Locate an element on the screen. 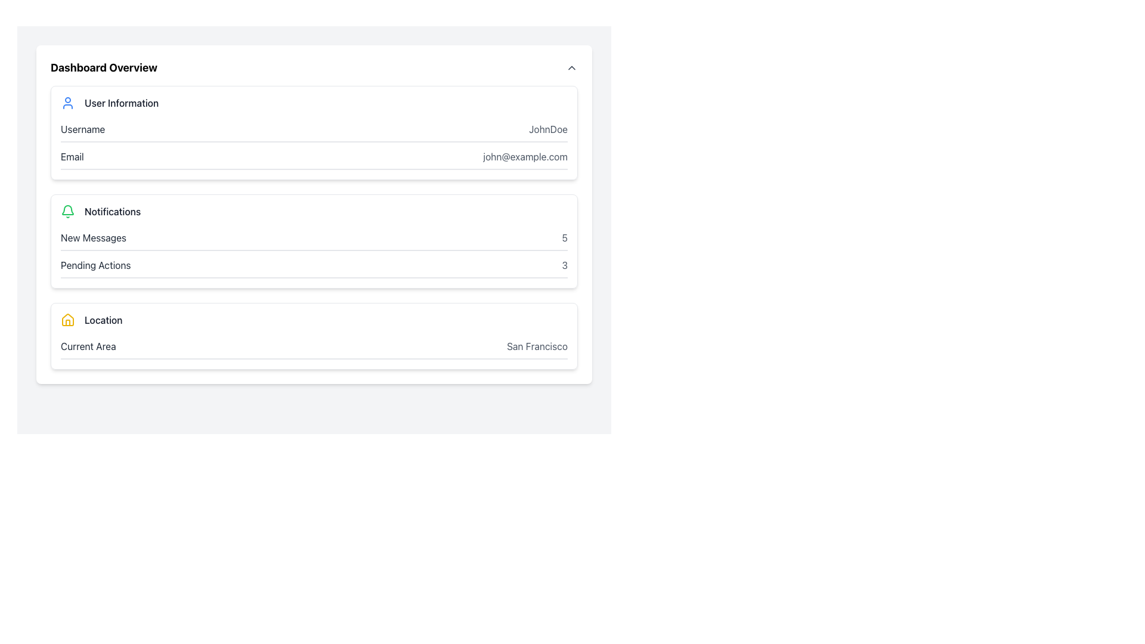 The image size is (1145, 644). the Text Label that describes the user's email address, located in the 'User Information' section to the left of 'john@example.com' is located at coordinates (72, 156).